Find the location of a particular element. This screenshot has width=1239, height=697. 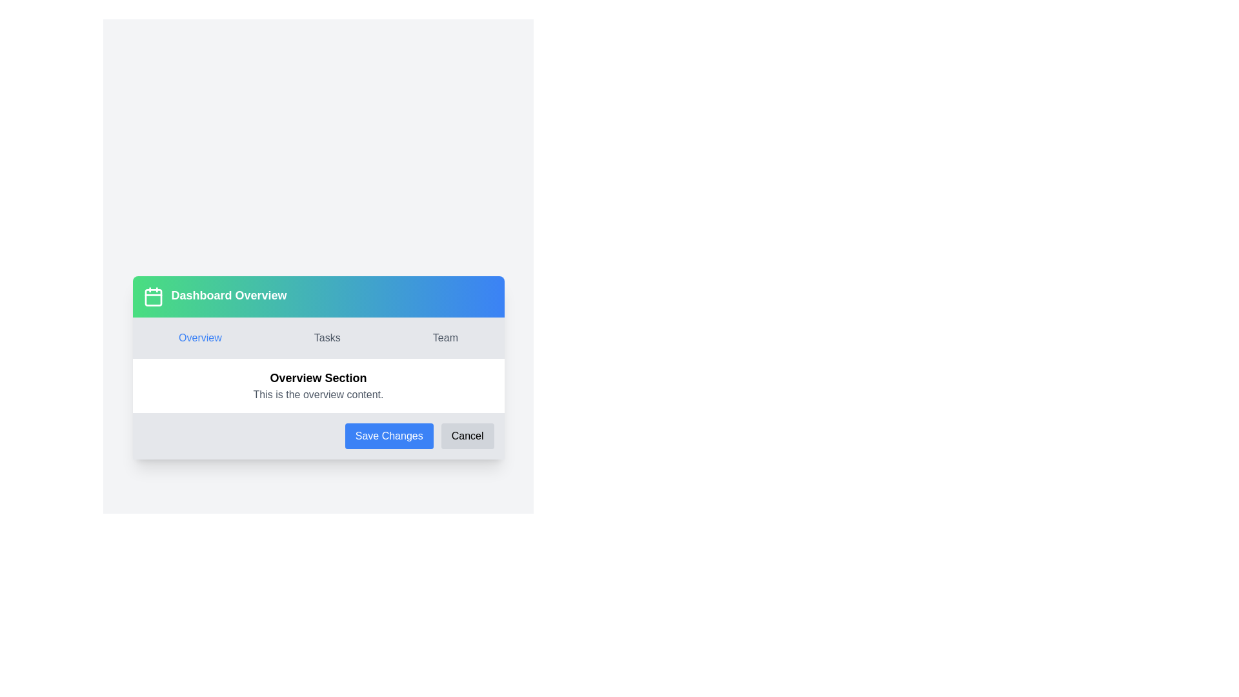

the calendar icon with a green background located in the top-left corner of the 'Dashboard Overview' header bar, positioned directly to the left of the text is located at coordinates (153, 296).